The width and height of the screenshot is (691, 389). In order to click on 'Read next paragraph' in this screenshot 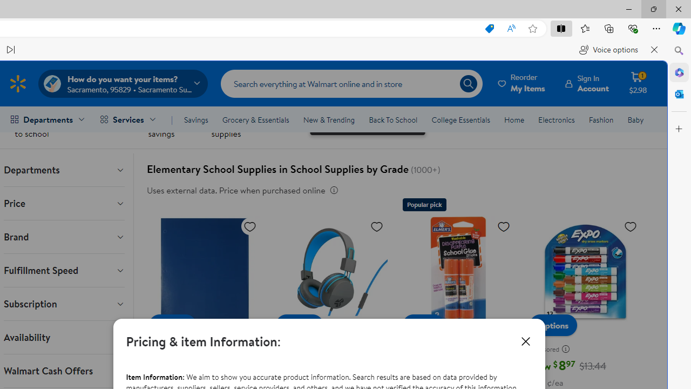, I will do `click(10, 50)`.